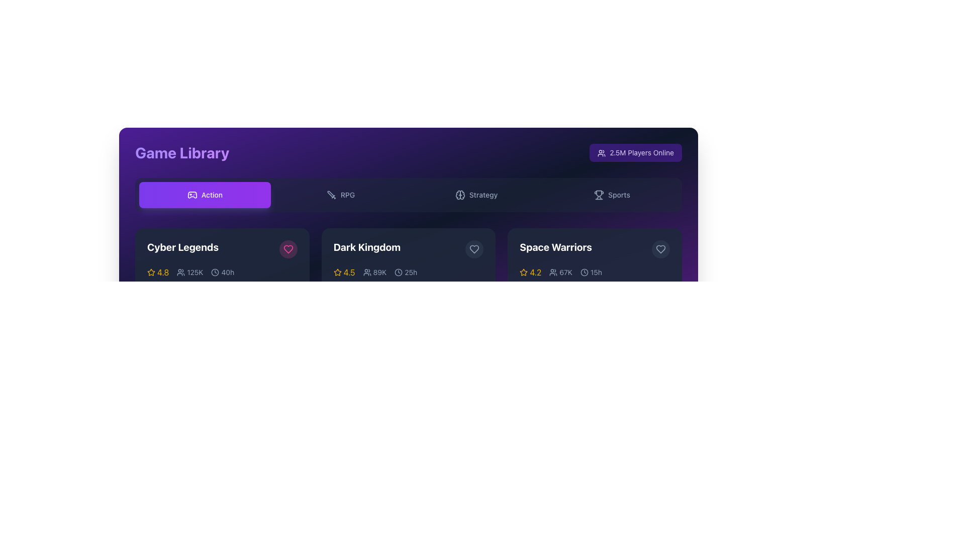 Image resolution: width=965 pixels, height=543 pixels. What do you see at coordinates (595, 273) in the screenshot?
I see `the time information indicated as '15 hours' associated with the 'Space Warriors' item, located beneath the title in the middle-bottom area of the card` at bounding box center [595, 273].